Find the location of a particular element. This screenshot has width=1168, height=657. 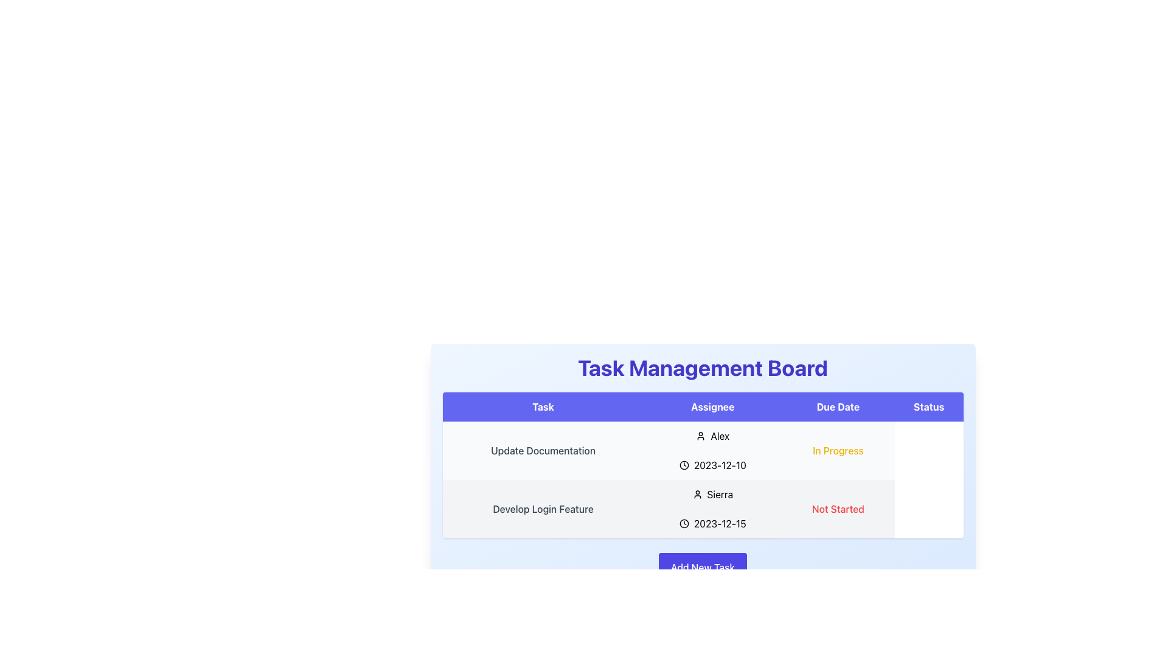

displayed date '2023-12-15' from the Due Date column in the task list, which is located in the second row of the task table is located at coordinates (712, 523).